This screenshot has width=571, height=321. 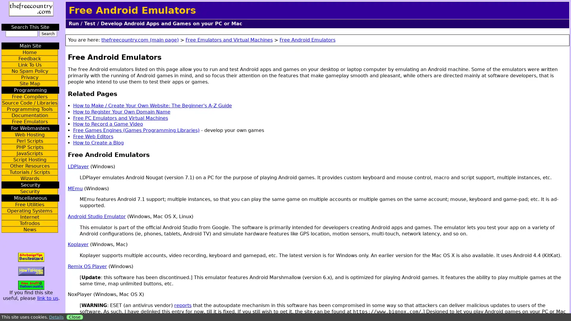 What do you see at coordinates (48, 34) in the screenshot?
I see `Search` at bounding box center [48, 34].